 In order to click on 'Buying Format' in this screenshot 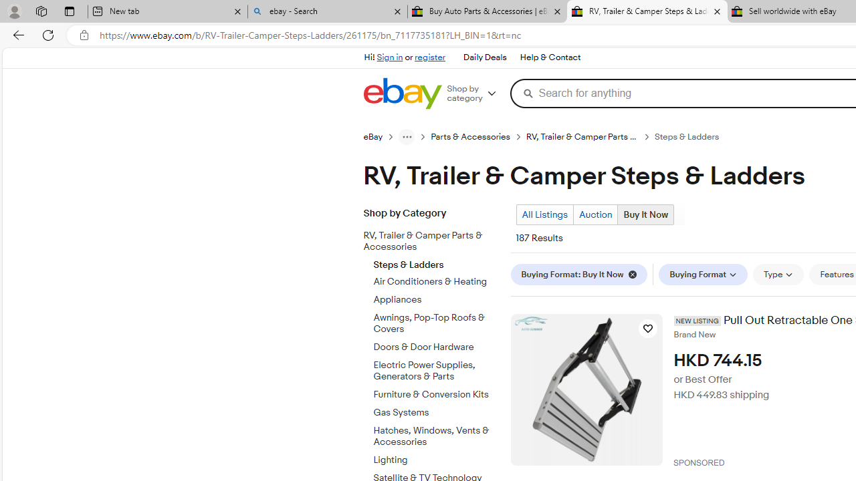, I will do `click(703, 274)`.